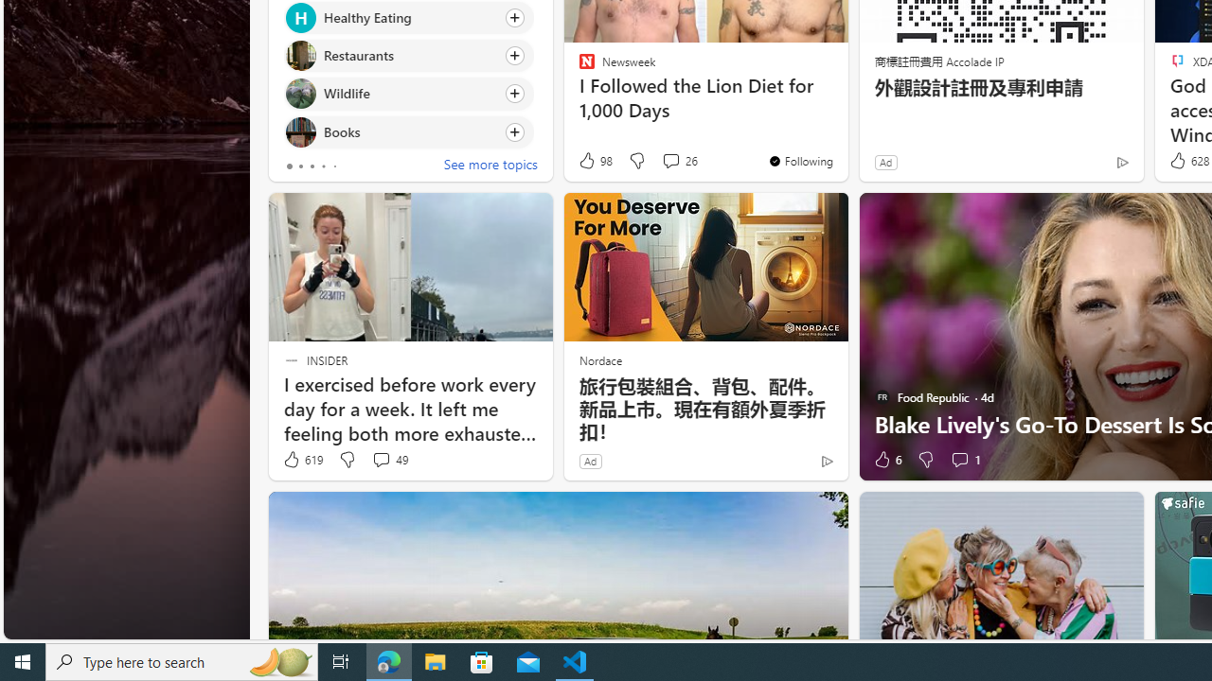 This screenshot has height=681, width=1212. Describe the element at coordinates (594, 160) in the screenshot. I see `'98 Like'` at that location.